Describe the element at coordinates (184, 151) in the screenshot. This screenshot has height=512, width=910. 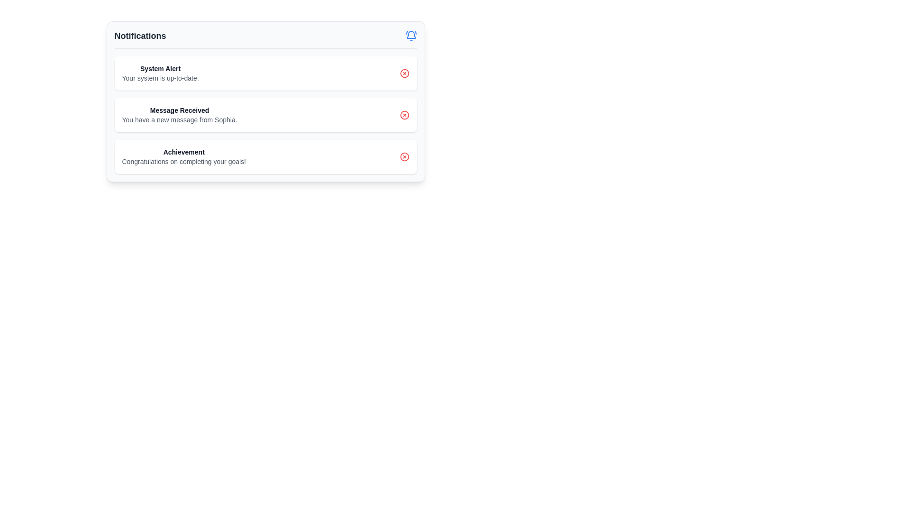
I see `the Text Label that acts as a header for the third notification card in the 'Notifications' panel, located above the message 'Congratulations on completing your goals!'` at that location.